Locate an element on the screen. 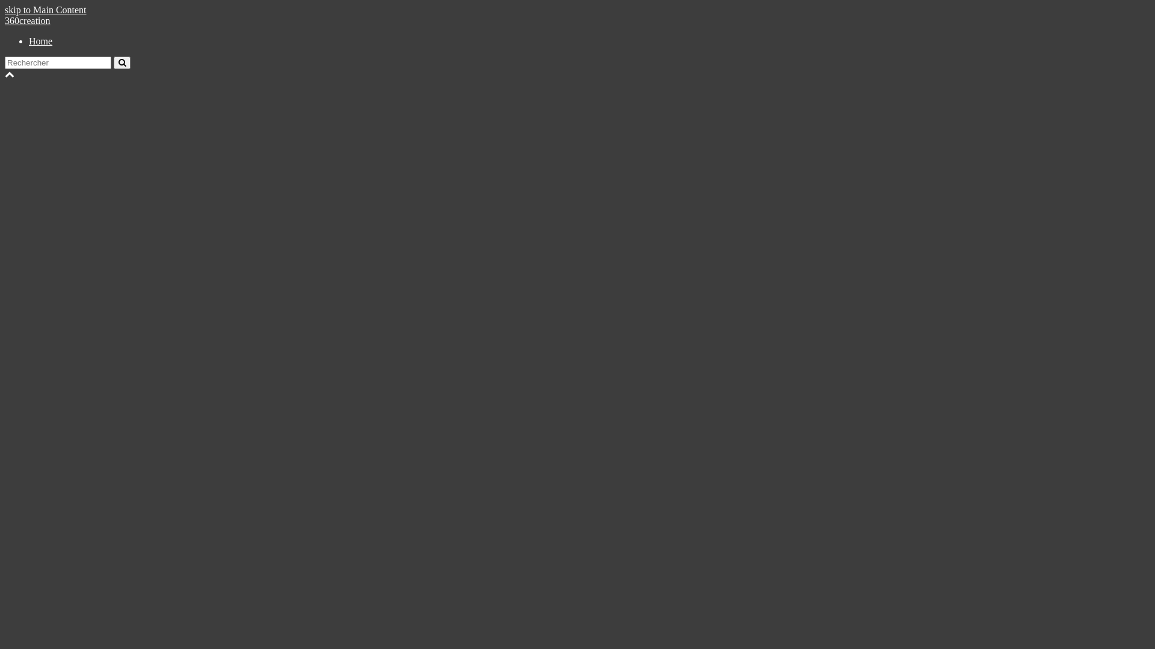 The height and width of the screenshot is (649, 1155). '360creation' is located at coordinates (28, 20).